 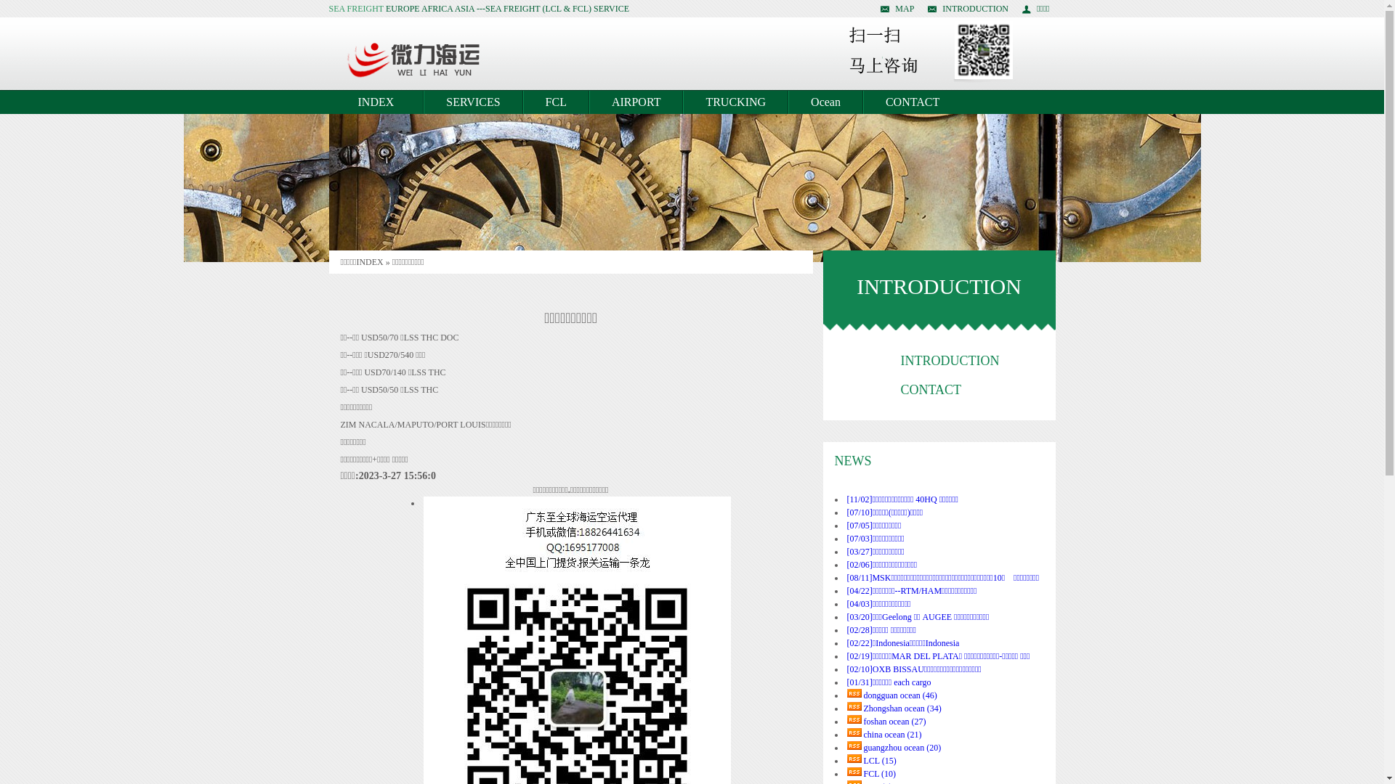 What do you see at coordinates (854, 705) in the screenshot?
I see `'rss'` at bounding box center [854, 705].